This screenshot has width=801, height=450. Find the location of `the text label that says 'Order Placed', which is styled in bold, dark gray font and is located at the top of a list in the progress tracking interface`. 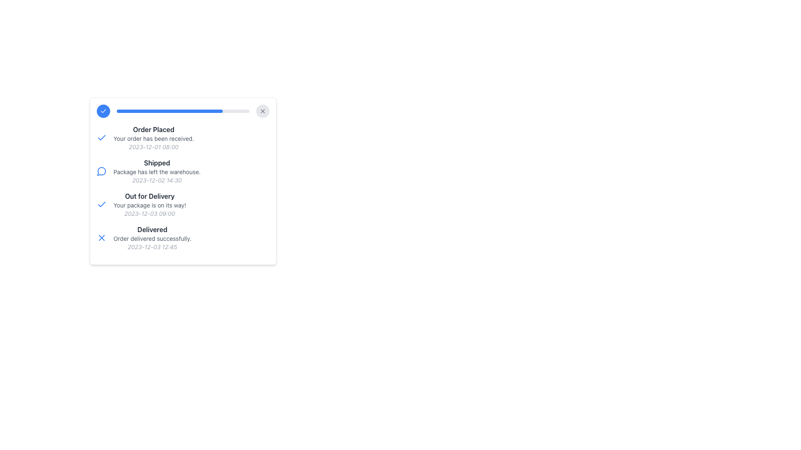

the text label that says 'Order Placed', which is styled in bold, dark gray font and is located at the top of a list in the progress tracking interface is located at coordinates (154, 130).